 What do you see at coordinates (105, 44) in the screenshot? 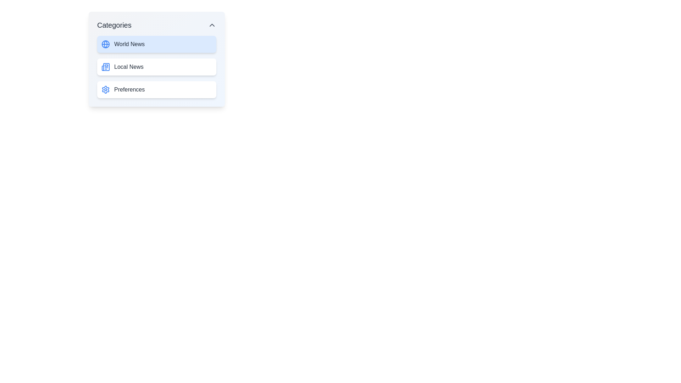
I see `the 'World News' icon located on the left side of the 'World News' list item within the 'Categories' panel` at bounding box center [105, 44].